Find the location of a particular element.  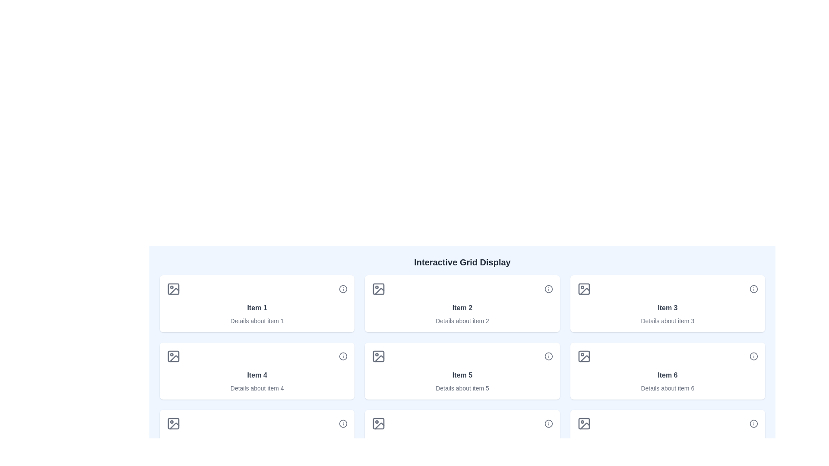

the photograph icon in the bottom-right corner of the grid section labeled 'Item 6' is located at coordinates (584, 423).